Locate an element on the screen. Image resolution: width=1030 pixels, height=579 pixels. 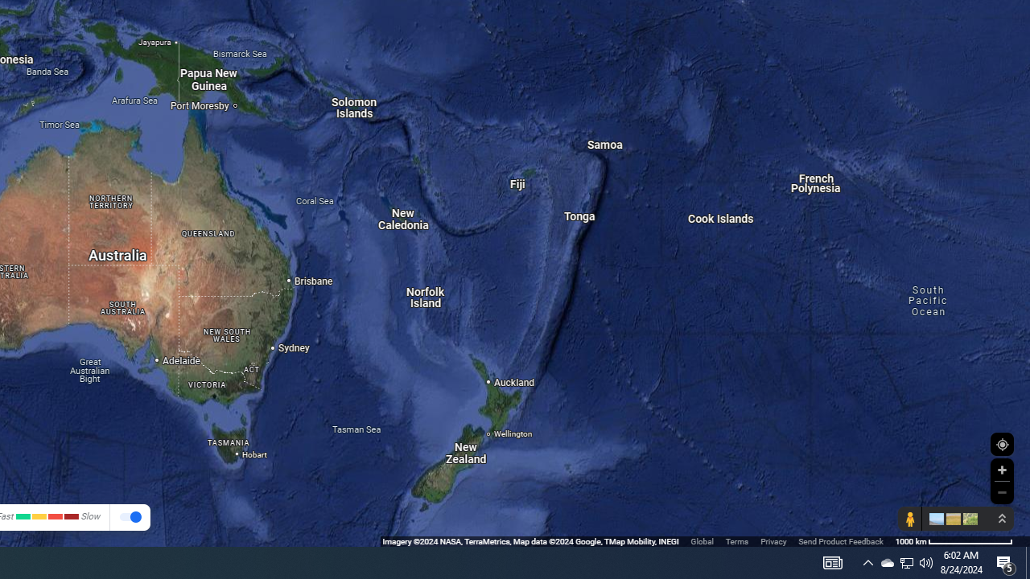
'Show imagery' is located at coordinates (967, 519).